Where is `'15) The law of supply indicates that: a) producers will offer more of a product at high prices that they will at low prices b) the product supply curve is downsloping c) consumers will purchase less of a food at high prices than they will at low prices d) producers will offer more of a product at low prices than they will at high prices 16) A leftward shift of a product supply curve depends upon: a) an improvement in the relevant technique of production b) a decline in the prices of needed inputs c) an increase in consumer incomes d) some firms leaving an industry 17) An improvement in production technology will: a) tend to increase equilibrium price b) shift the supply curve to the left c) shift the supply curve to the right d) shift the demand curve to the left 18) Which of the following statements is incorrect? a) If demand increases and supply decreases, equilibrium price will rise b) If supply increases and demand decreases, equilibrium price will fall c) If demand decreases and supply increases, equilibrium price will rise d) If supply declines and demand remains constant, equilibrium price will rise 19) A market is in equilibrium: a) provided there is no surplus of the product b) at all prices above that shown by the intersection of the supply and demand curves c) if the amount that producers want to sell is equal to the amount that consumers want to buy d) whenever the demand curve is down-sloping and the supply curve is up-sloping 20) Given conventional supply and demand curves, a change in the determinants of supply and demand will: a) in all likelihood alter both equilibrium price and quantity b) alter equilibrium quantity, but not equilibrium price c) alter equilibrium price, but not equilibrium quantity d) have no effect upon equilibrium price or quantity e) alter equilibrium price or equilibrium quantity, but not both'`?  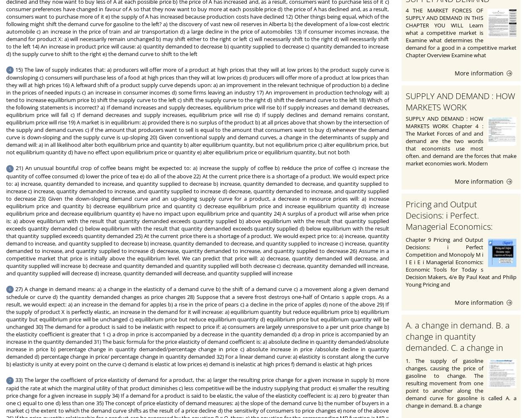 '15) The law of supply indicates that: a) producers will offer more of a product at high prices that they will at low prices b) the product supply curve is downsloping c) consumers will purchase less of a food at high prices than they will at low prices d) producers will offer more of a product at low prices than they will at high prices 16) A leftward shift of a product supply curve depends upon: a) an improvement in the relevant technique of production b) a decline in the prices of needed inputs c) an increase in consumer incomes d) some firms leaving an industry 17) An improvement in production technology will: a) tend to increase equilibrium price b) shift the supply curve to the left c) shift the supply curve to the right d) shift the demand curve to the left 18) Which of the following statements is incorrect? a) If demand increases and supply decreases, equilibrium price will rise b) If supply increases and demand decreases, equilibrium price will fall c) If demand decreases and supply increases, equilibrium price will rise d) If supply declines and demand remains constant, equilibrium price will rise 19) A market is in equilibrium: a) provided there is no surplus of the product b) at all prices above that shown by the intersection of the supply and demand curves c) if the amount that producers want to sell is equal to the amount that consumers want to buy d) whenever the demand curve is down-sloping and the supply curve is up-sloping 20) Given conventional supply and demand curves, a change in the determinants of supply and demand will: a) in all likelihood alter both equilibrium price and quantity b) alter equilibrium quantity, but not equilibrium price c) alter equilibrium price, but not equilibrium quantity d) have no effect upon equilibrium price or quantity e) alter equilibrium price or equilibrium quantity, but not both' is located at coordinates (197, 111).